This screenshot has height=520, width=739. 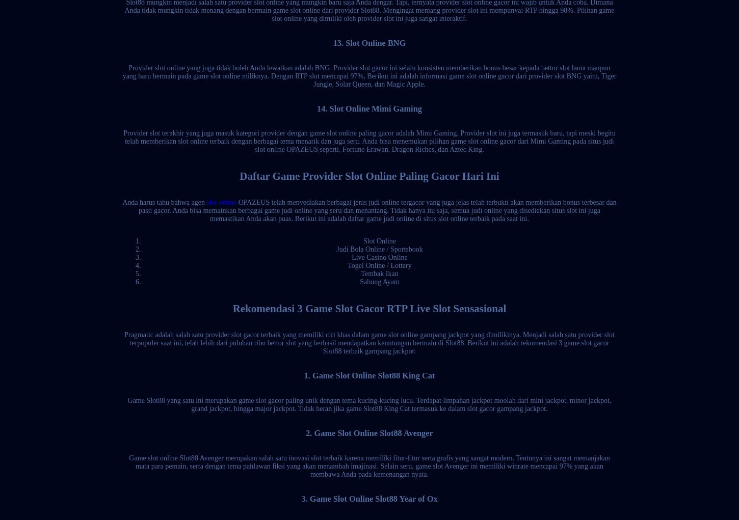 I want to click on 'Live Casino Online', so click(x=379, y=257).